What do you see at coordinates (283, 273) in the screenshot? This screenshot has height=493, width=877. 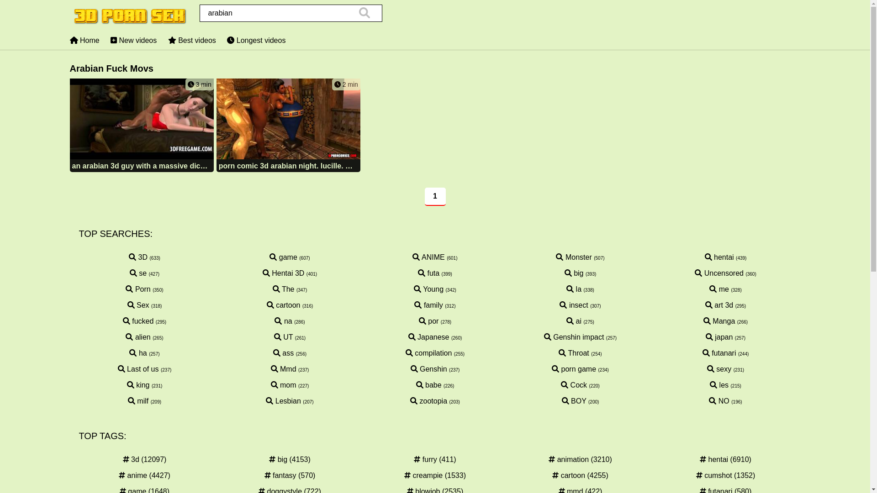 I see `'Hentai 3D'` at bounding box center [283, 273].